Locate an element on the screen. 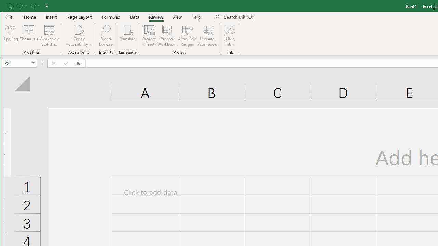 This screenshot has width=438, height=246. 'Name Box' is located at coordinates (16, 63).